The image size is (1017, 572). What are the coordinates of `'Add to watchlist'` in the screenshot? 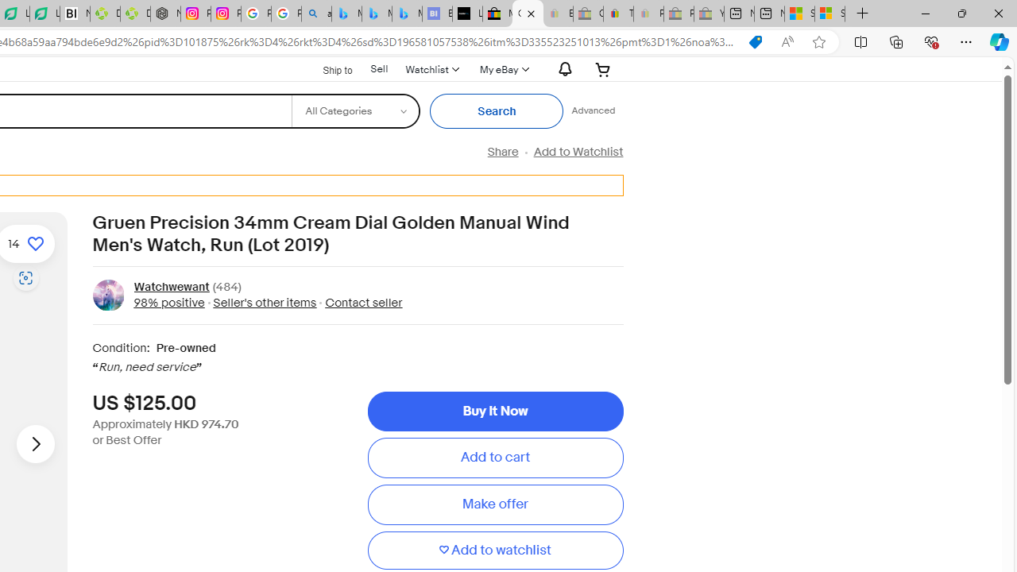 It's located at (494, 550).